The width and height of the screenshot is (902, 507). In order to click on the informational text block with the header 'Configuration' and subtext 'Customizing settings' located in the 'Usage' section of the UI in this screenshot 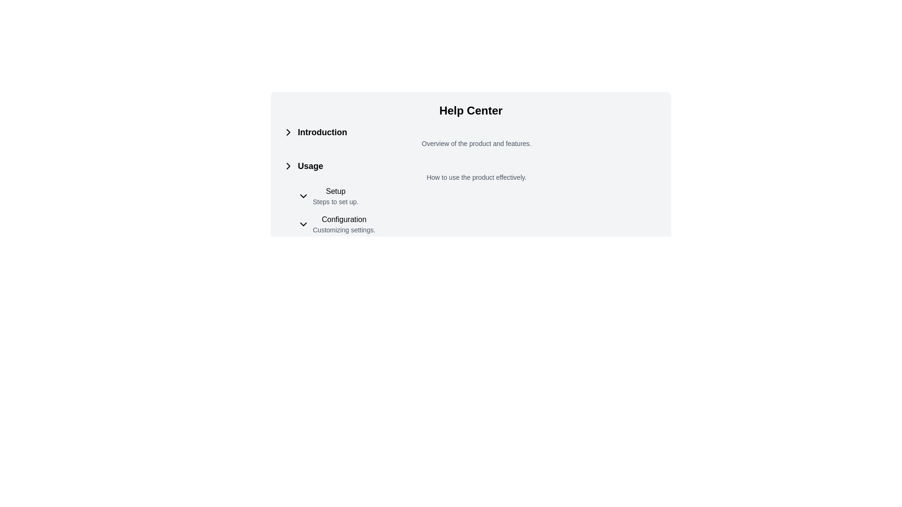, I will do `click(343, 224)`.